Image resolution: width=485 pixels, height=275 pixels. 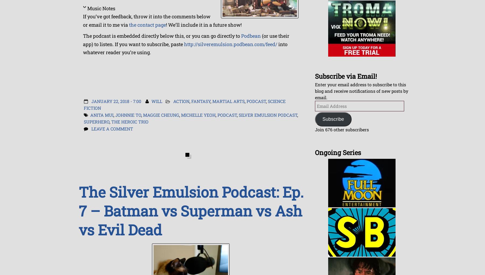 What do you see at coordinates (87, 8) in the screenshot?
I see `'Music Notes'` at bounding box center [87, 8].